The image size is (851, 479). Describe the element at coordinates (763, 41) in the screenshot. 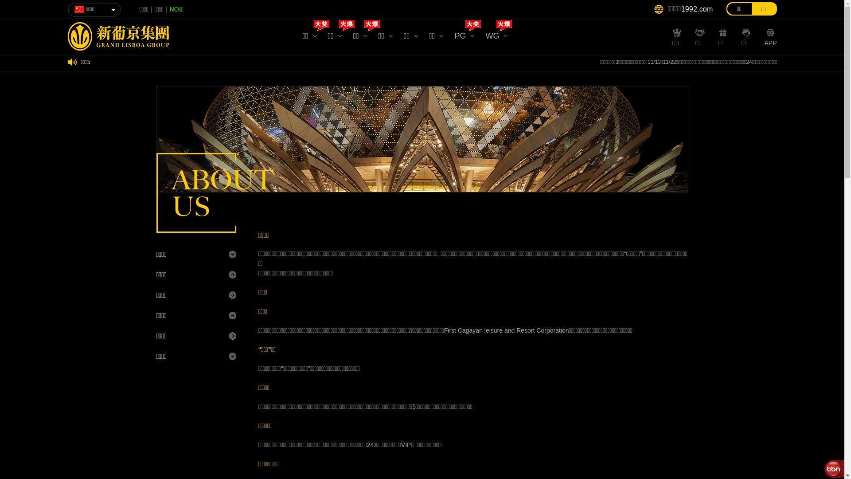

I see `'APP'` at that location.